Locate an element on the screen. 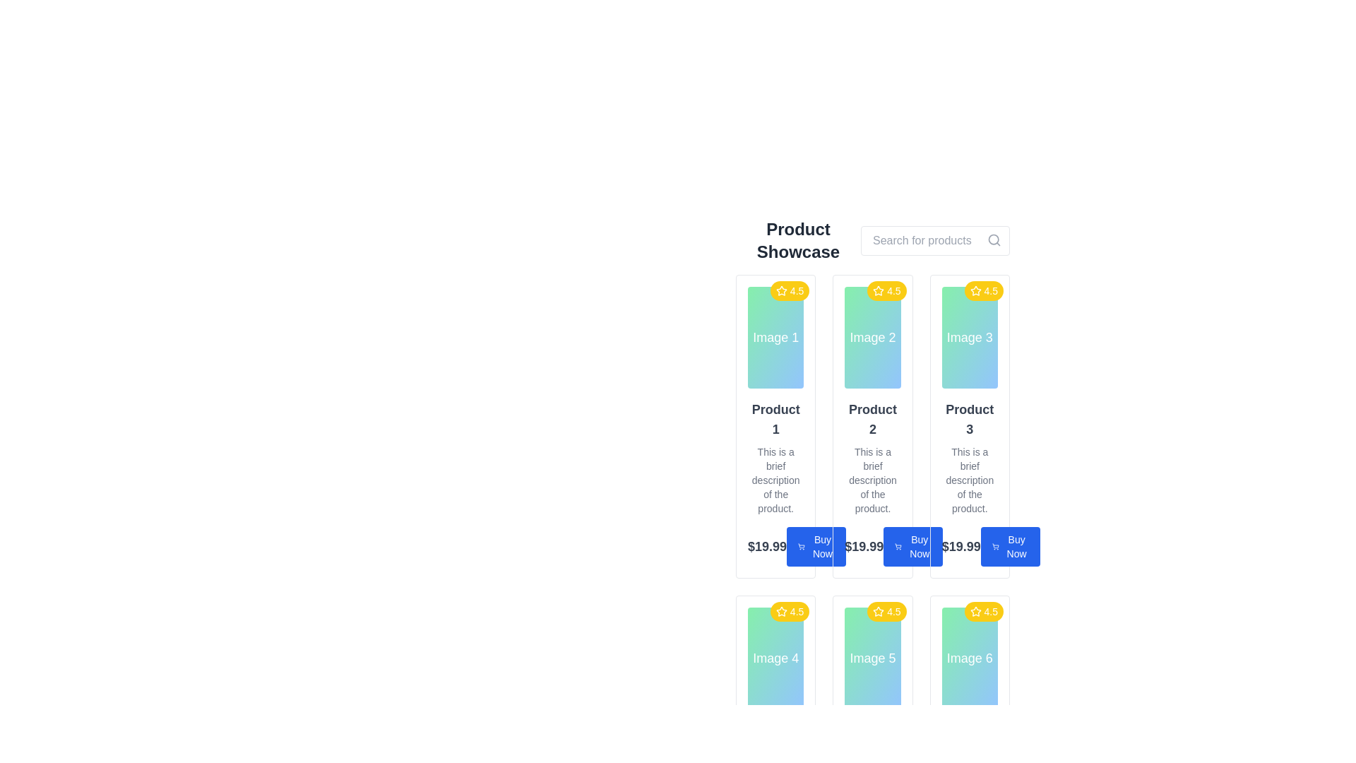 The height and width of the screenshot is (763, 1356). the Badge or rating indicator located in the top-right corner of the 'Product 4' card, which displays the product's rating to the user is located at coordinates (789, 611).